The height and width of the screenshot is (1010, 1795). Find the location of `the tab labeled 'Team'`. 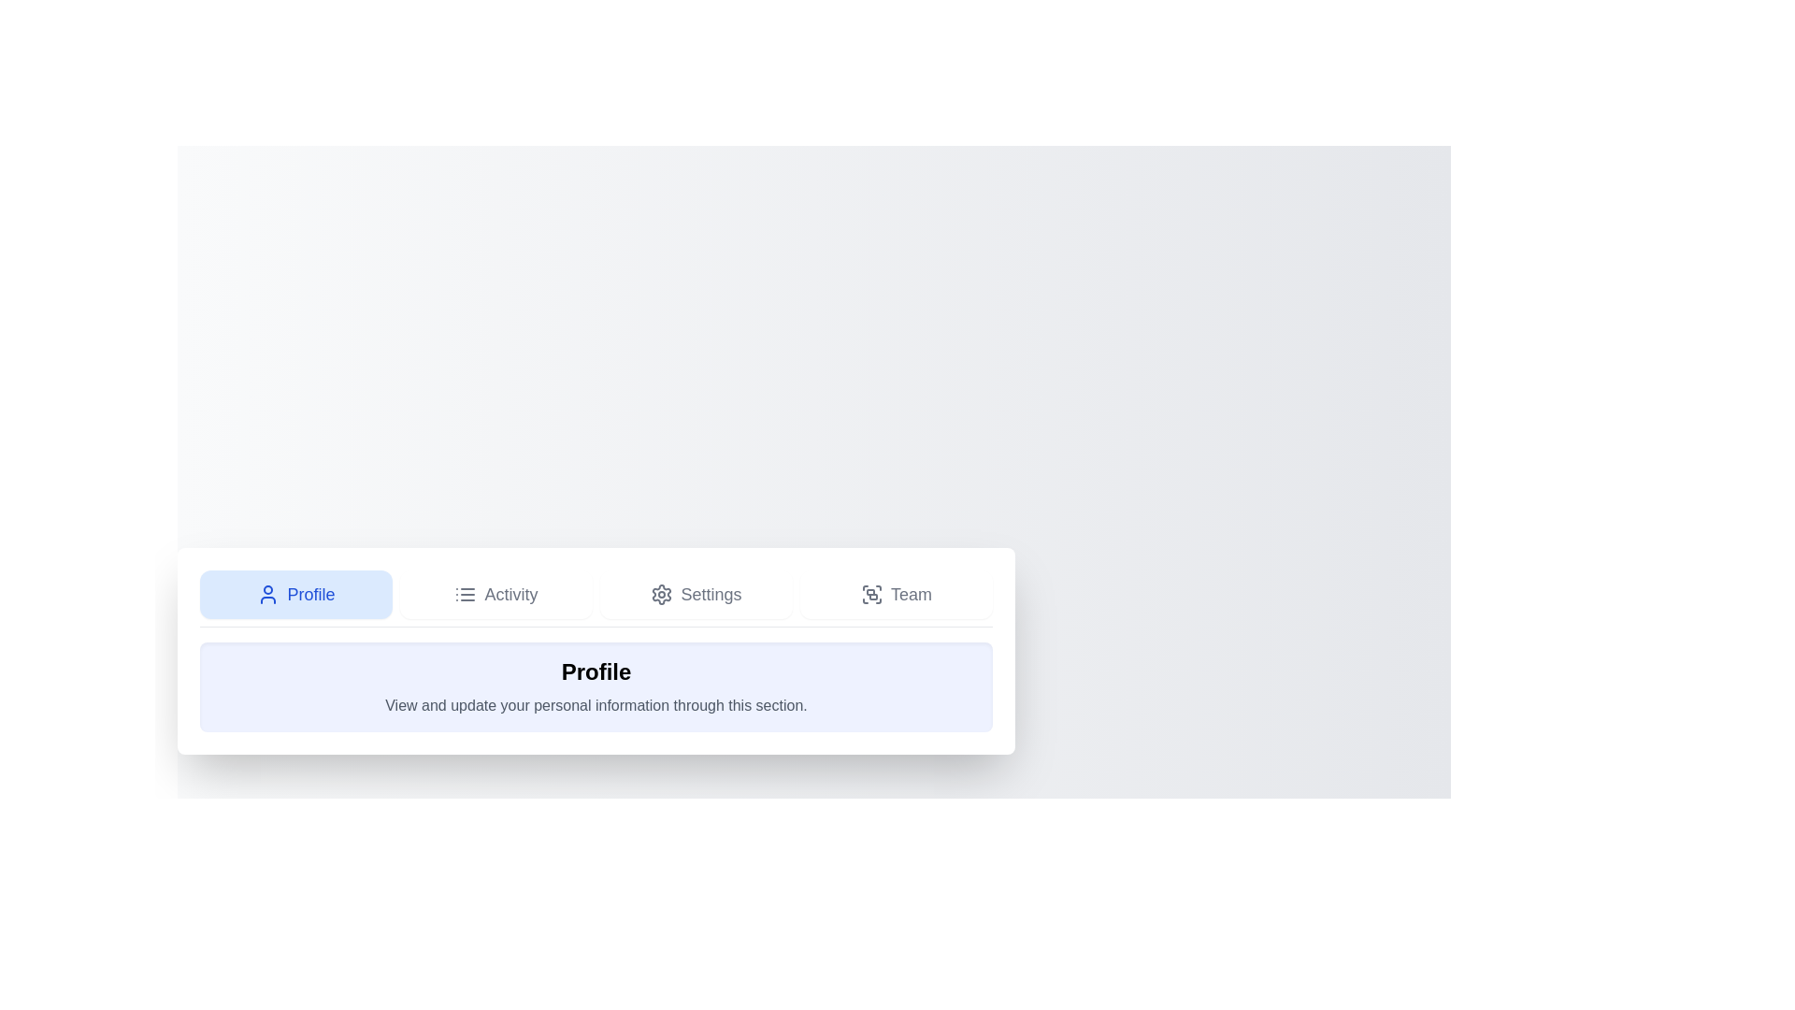

the tab labeled 'Team' is located at coordinates (896, 594).